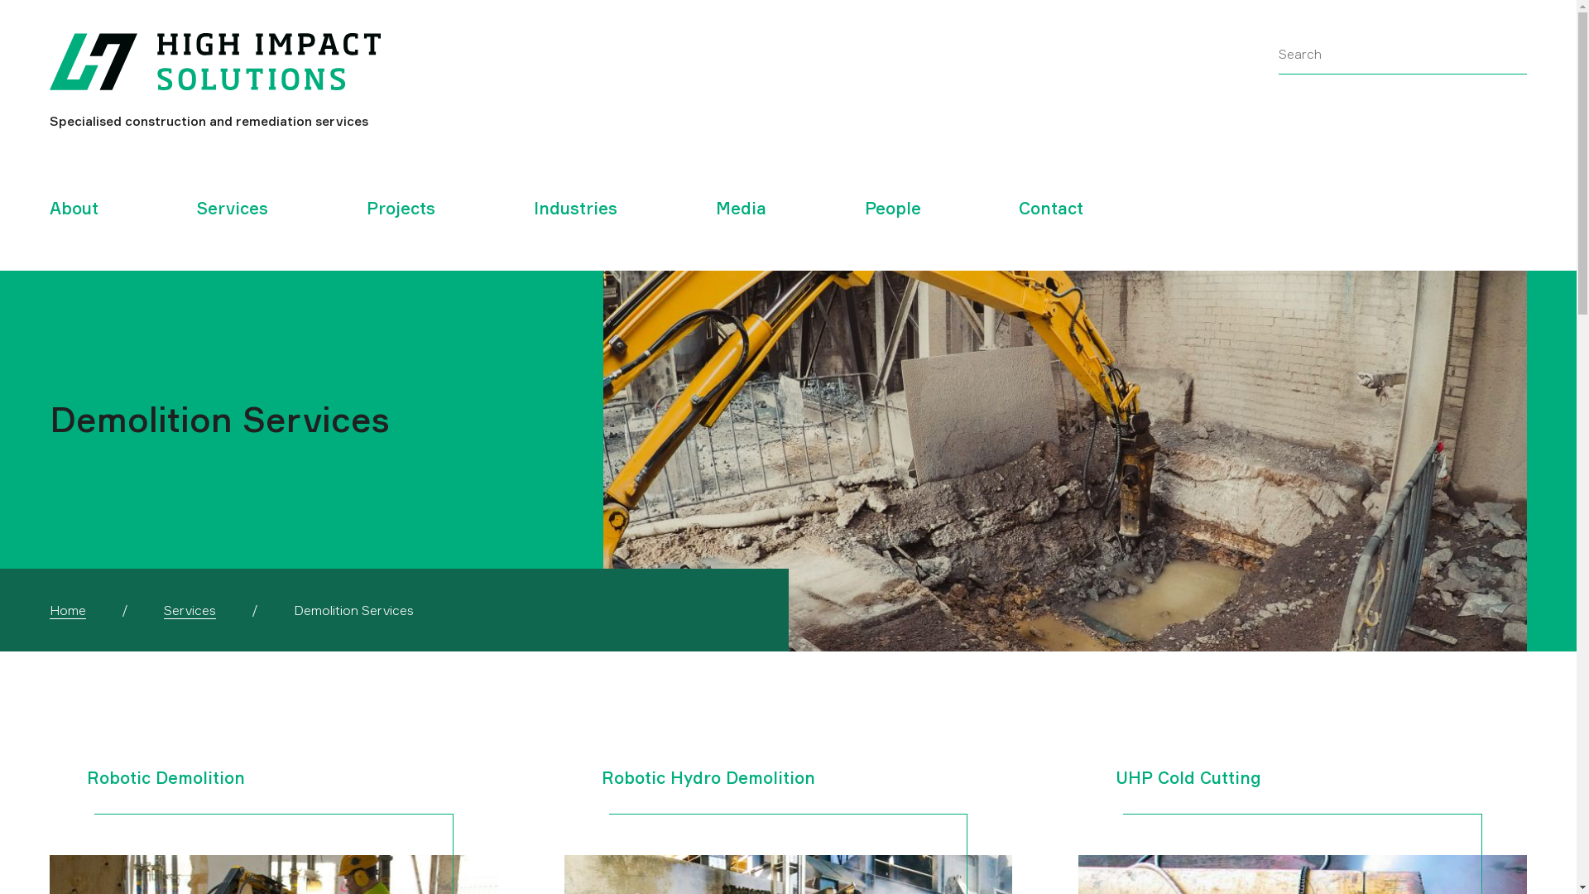  I want to click on 'Industries', so click(575, 207).